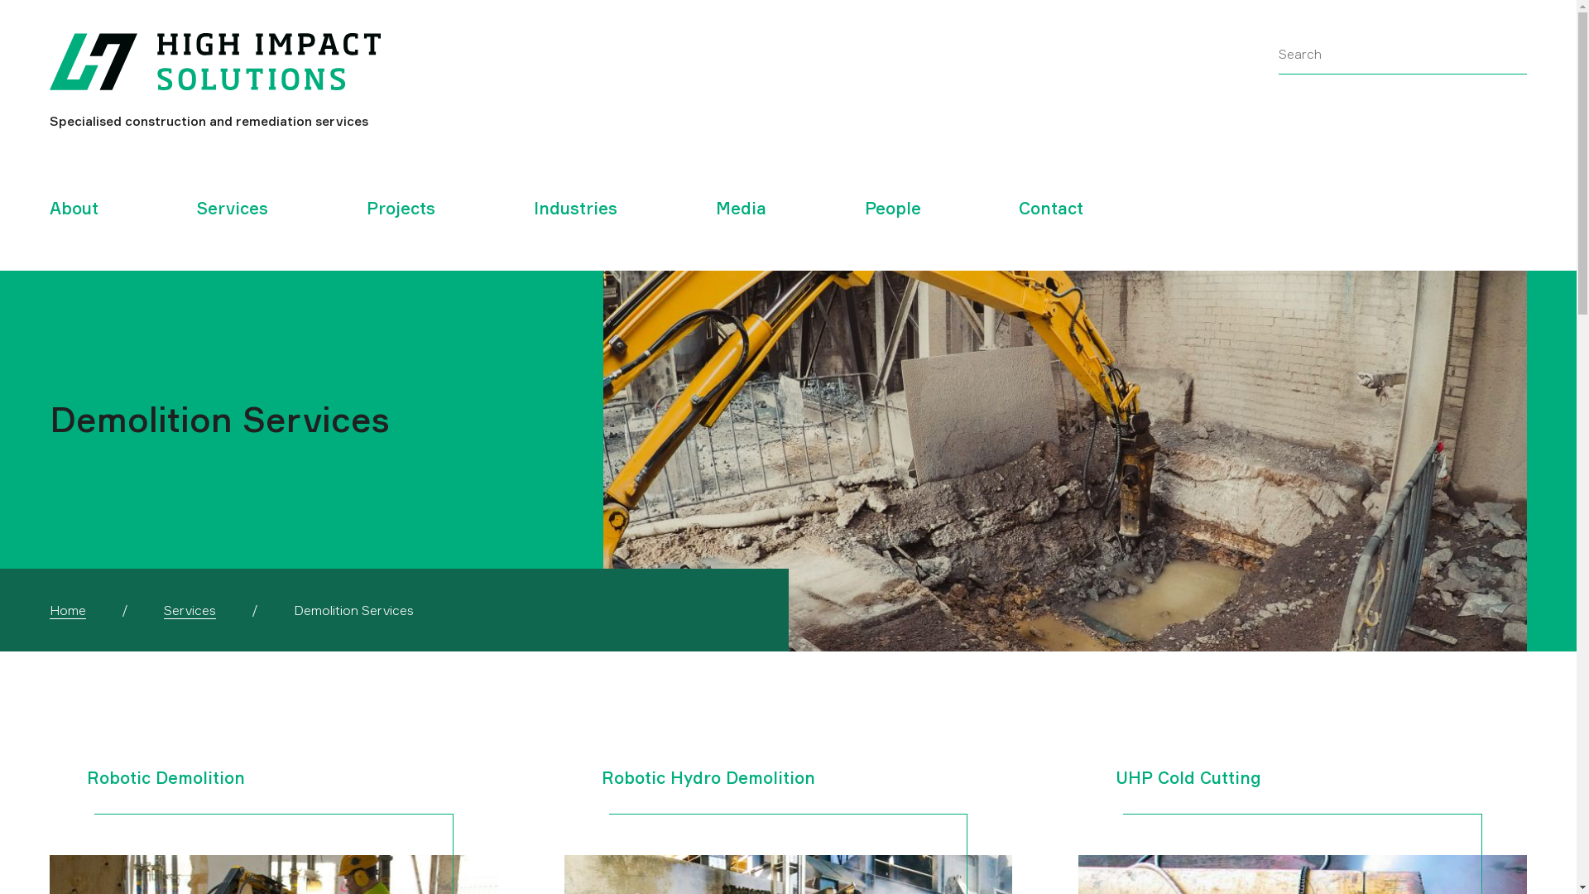  I want to click on 'Industries', so click(575, 207).